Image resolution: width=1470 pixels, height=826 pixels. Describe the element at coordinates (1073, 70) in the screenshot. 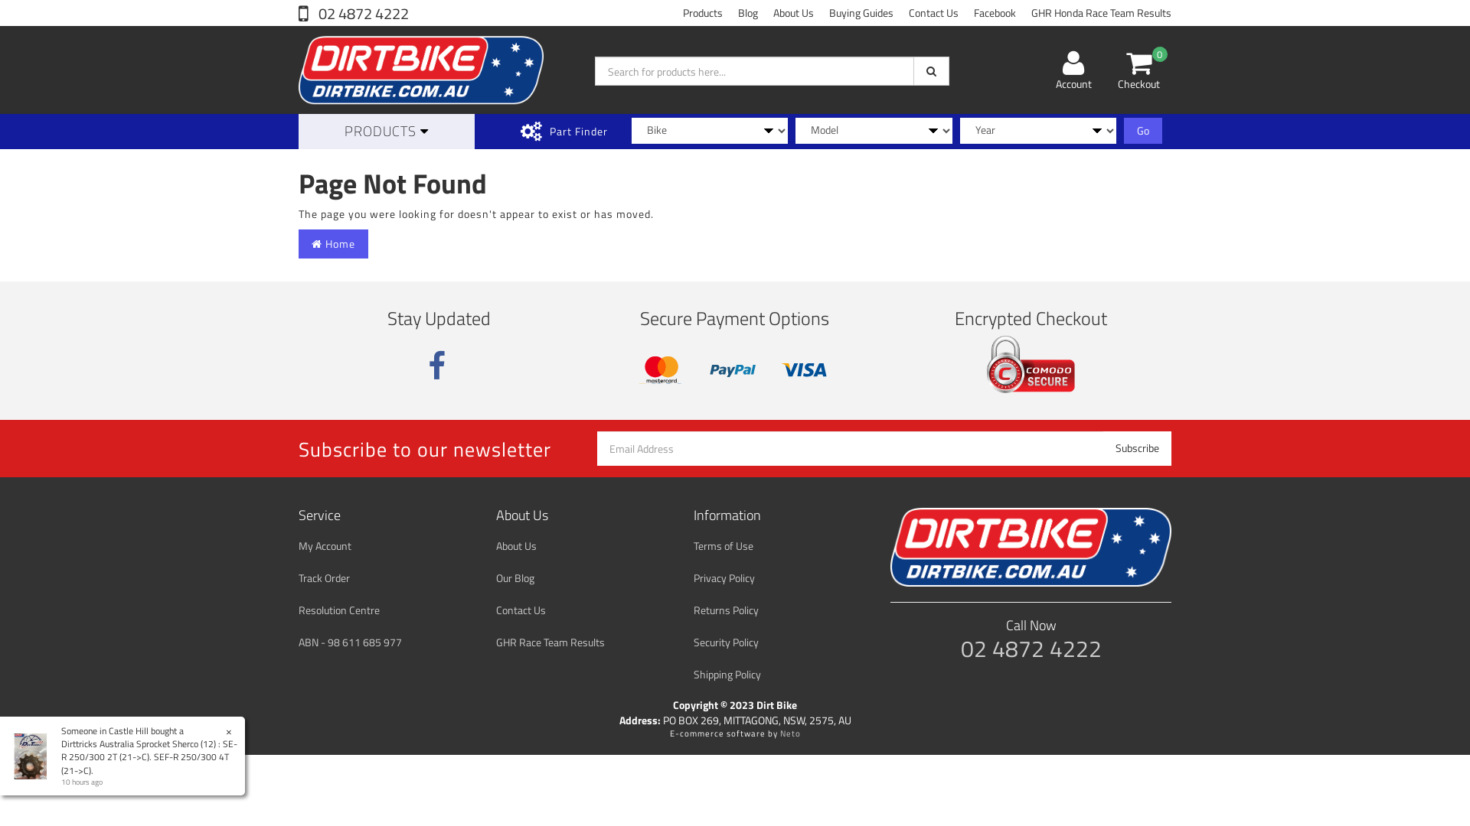

I see `'Account'` at that location.